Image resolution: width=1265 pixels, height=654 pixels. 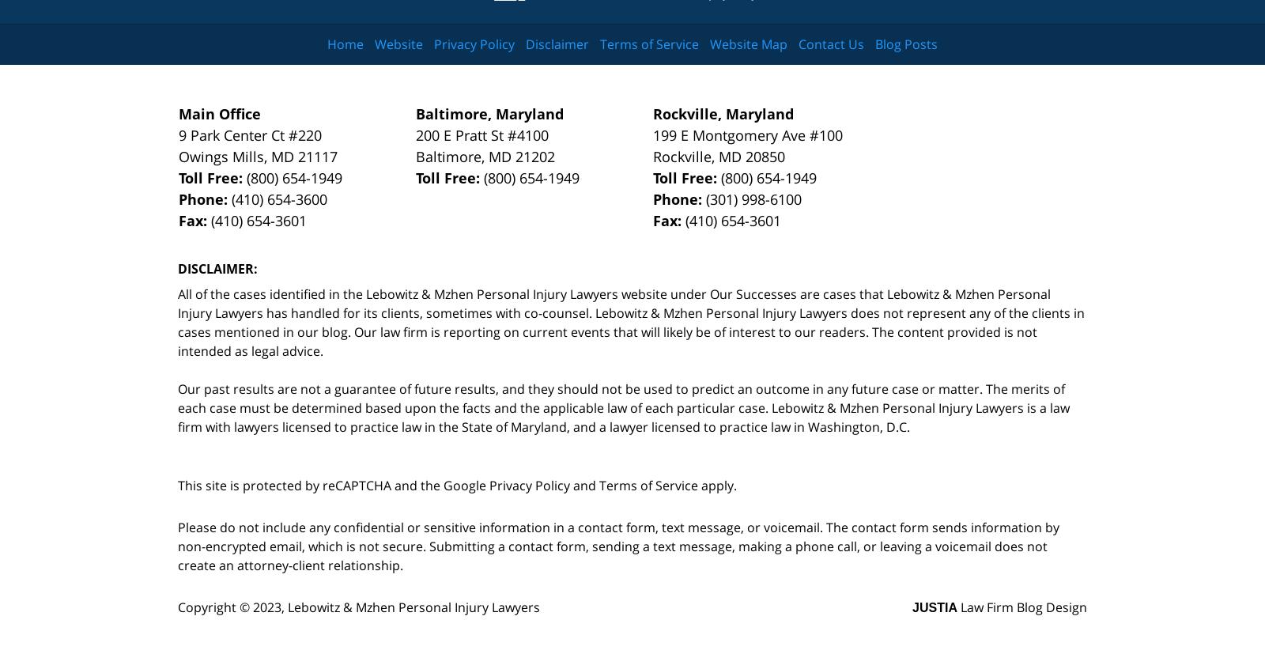 I want to click on 'Law Firm Blog Design', so click(x=1021, y=606).